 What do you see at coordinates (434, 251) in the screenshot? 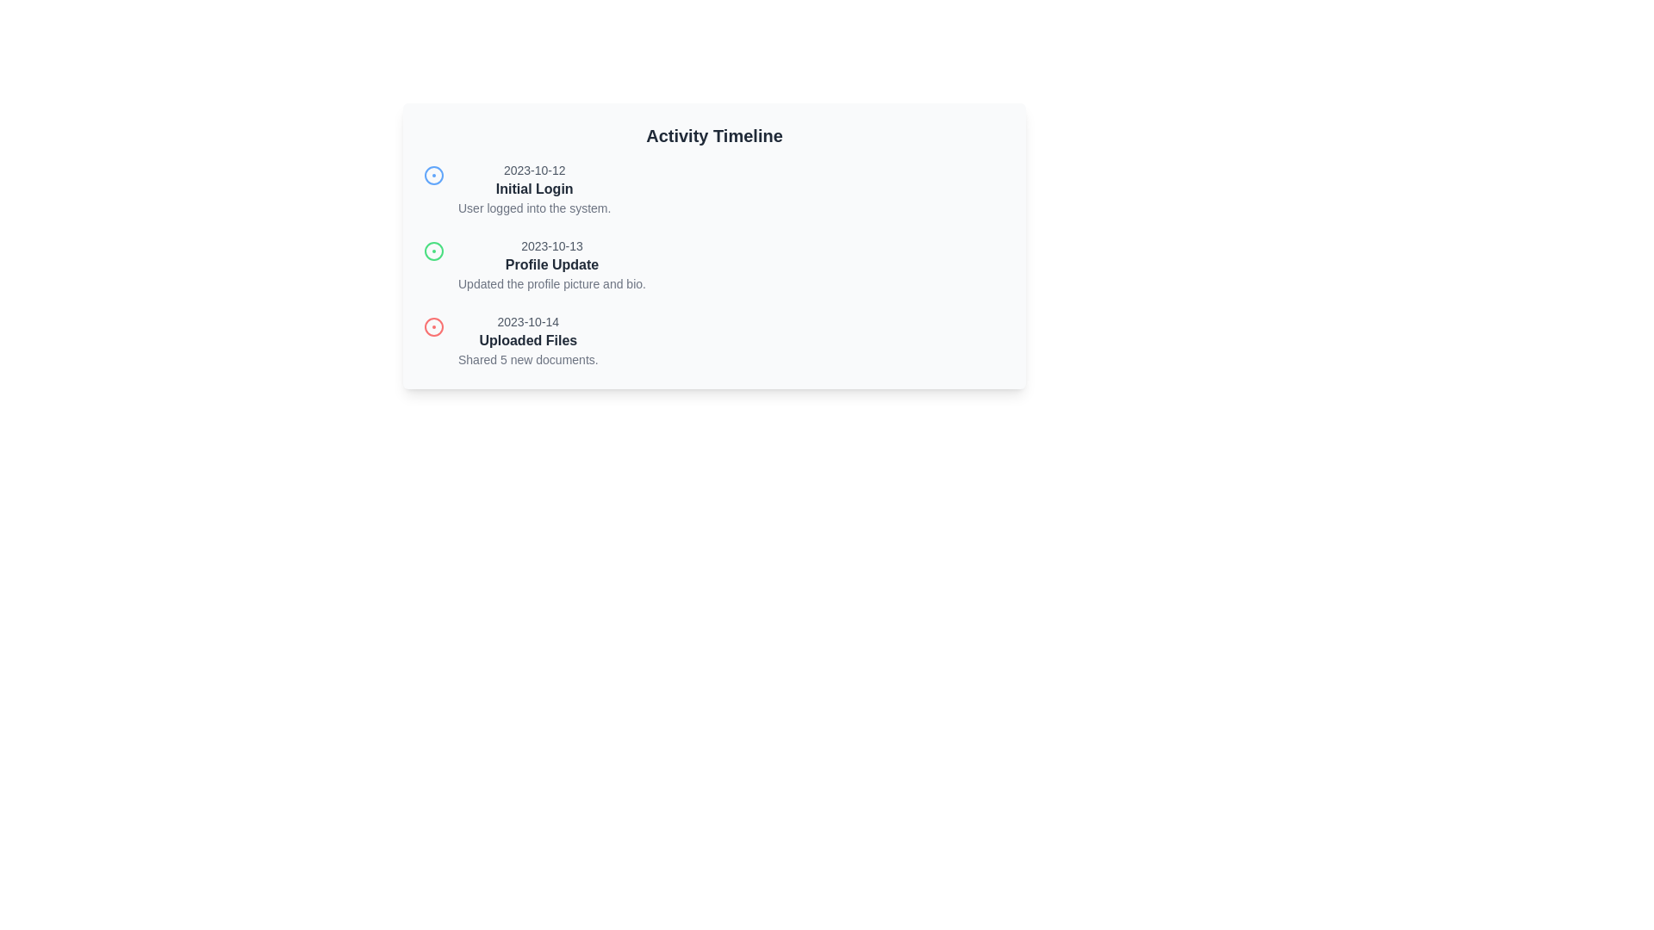
I see `the circular icon with a green outline and dot, which represents a progress indicator, located to the left of the 'Profile Update' text in the second row of the timeline component` at bounding box center [434, 251].